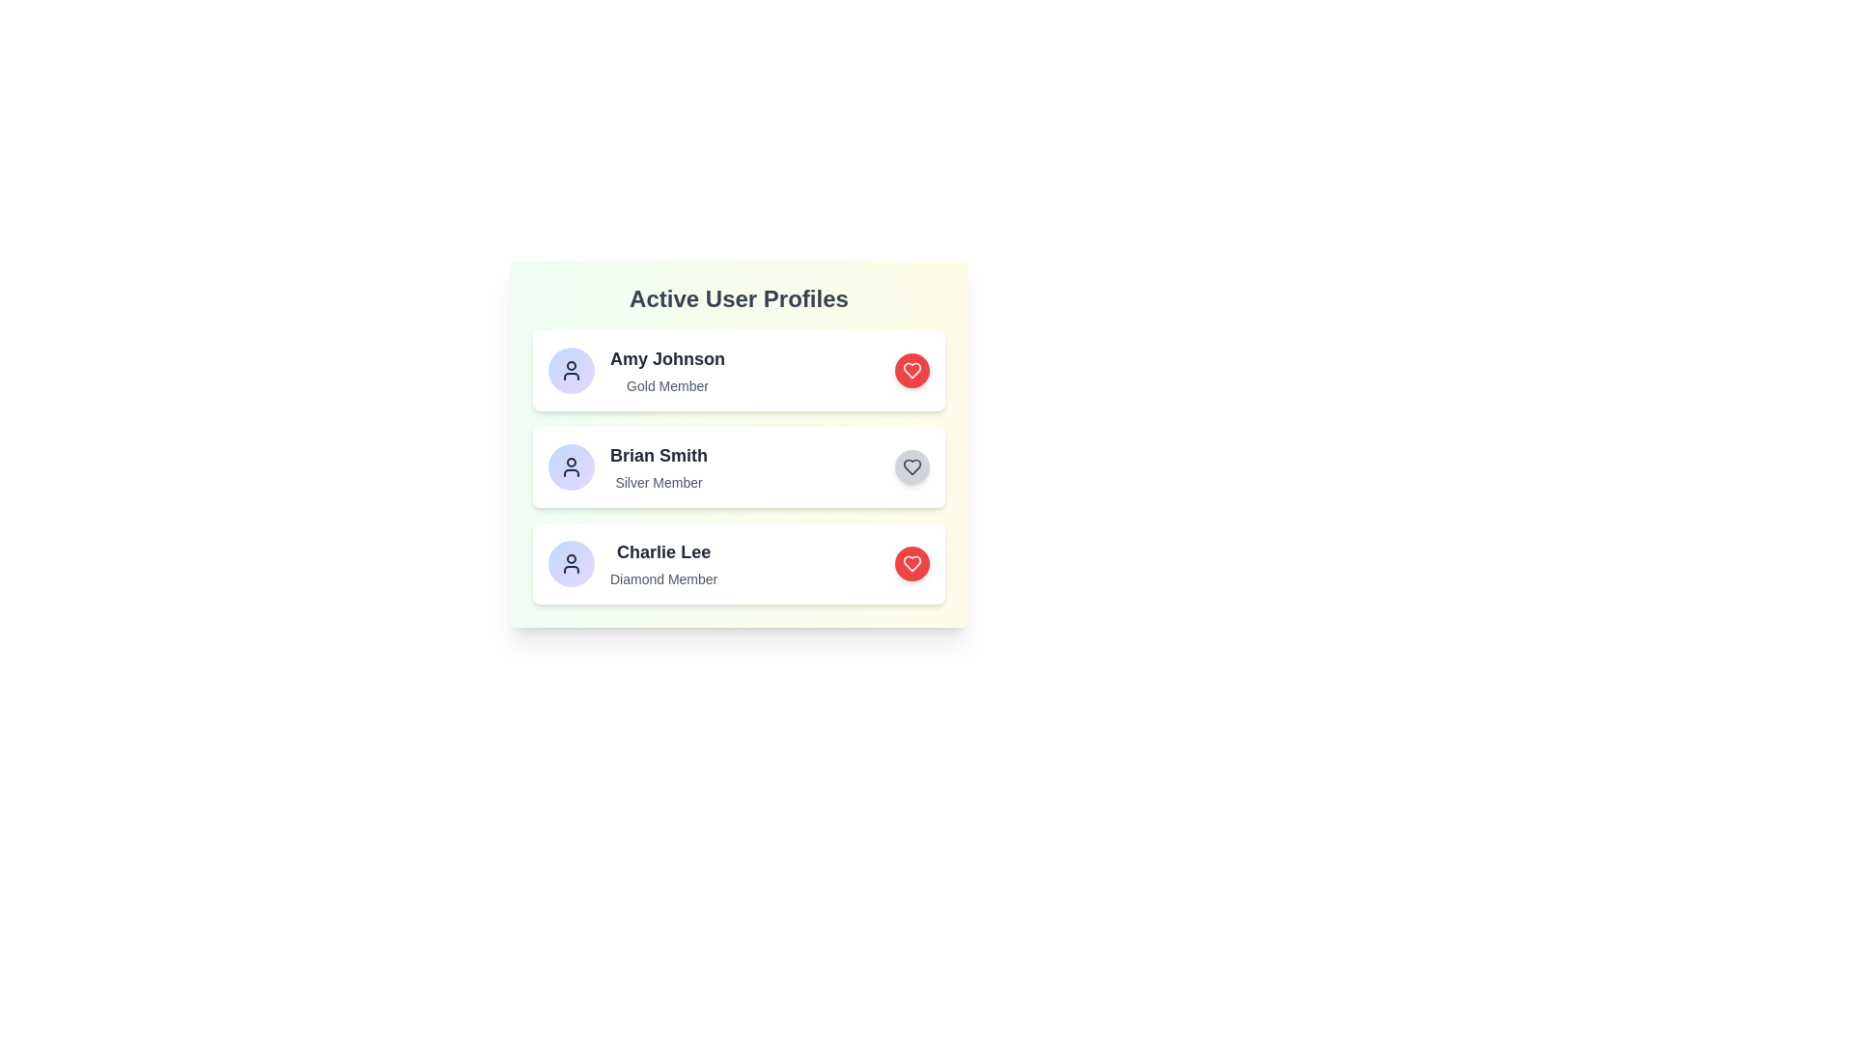 The image size is (1854, 1043). Describe the element at coordinates (667, 358) in the screenshot. I see `the text label displaying the name 'Amy Johnson' which is styled as a heading in bold, dark font, located inside the first user profile card of the 'Active User Profiles' list` at that location.